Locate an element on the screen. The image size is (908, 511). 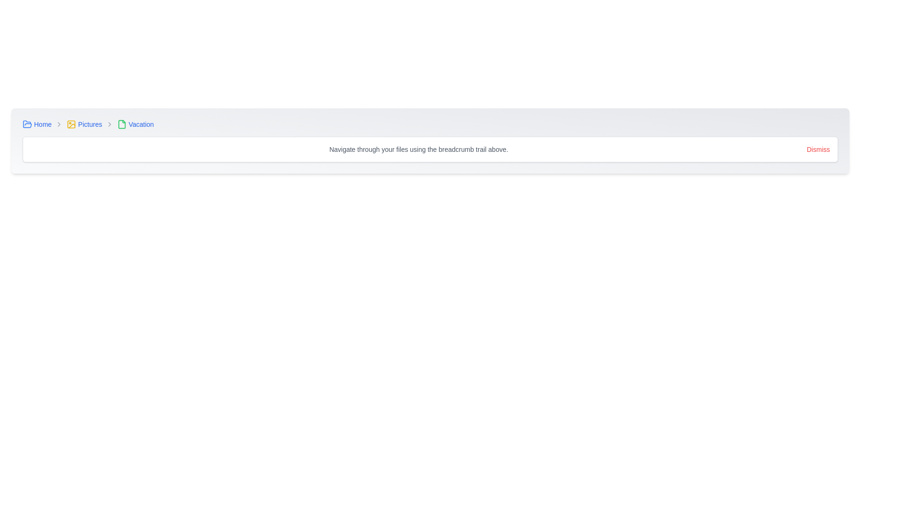
the 'Vacation' hyperlink is located at coordinates (140, 123).